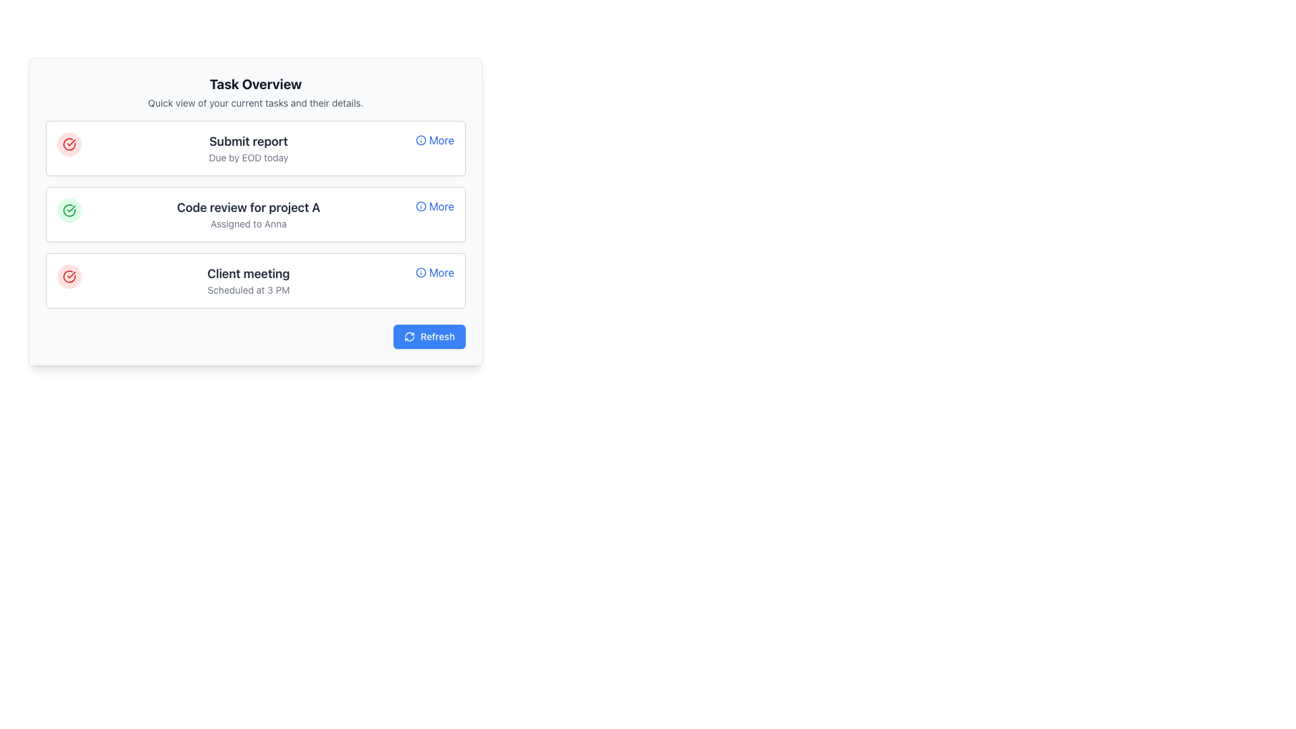 The height and width of the screenshot is (729, 1296). Describe the element at coordinates (68, 144) in the screenshot. I see `the Icon Button located to the left of the 'Submit report' heading in the 'Task Overview' panel to interact with it` at that location.